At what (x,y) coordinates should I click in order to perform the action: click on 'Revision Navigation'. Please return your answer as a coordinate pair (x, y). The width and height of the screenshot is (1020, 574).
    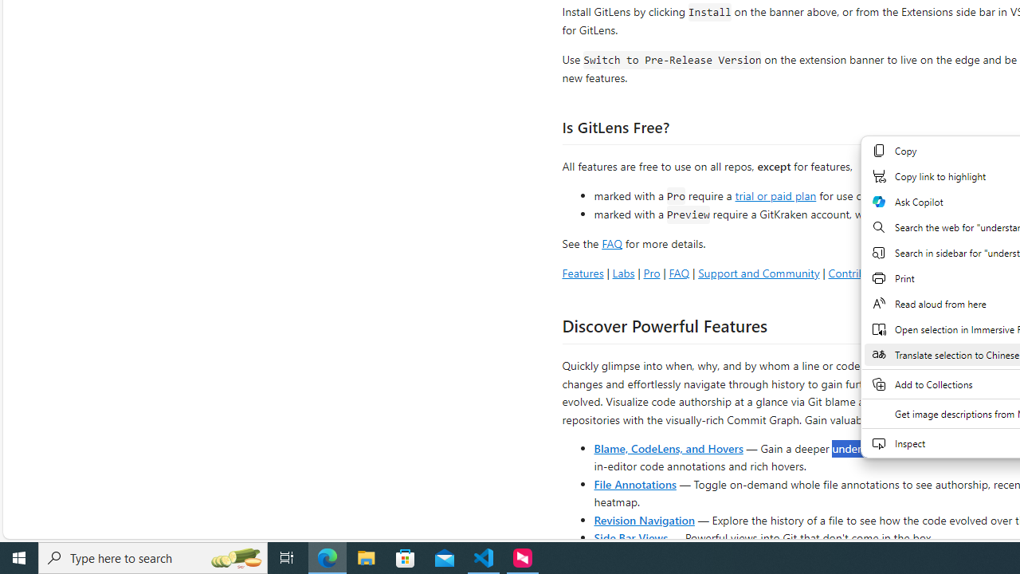
    Looking at the image, I should click on (644, 519).